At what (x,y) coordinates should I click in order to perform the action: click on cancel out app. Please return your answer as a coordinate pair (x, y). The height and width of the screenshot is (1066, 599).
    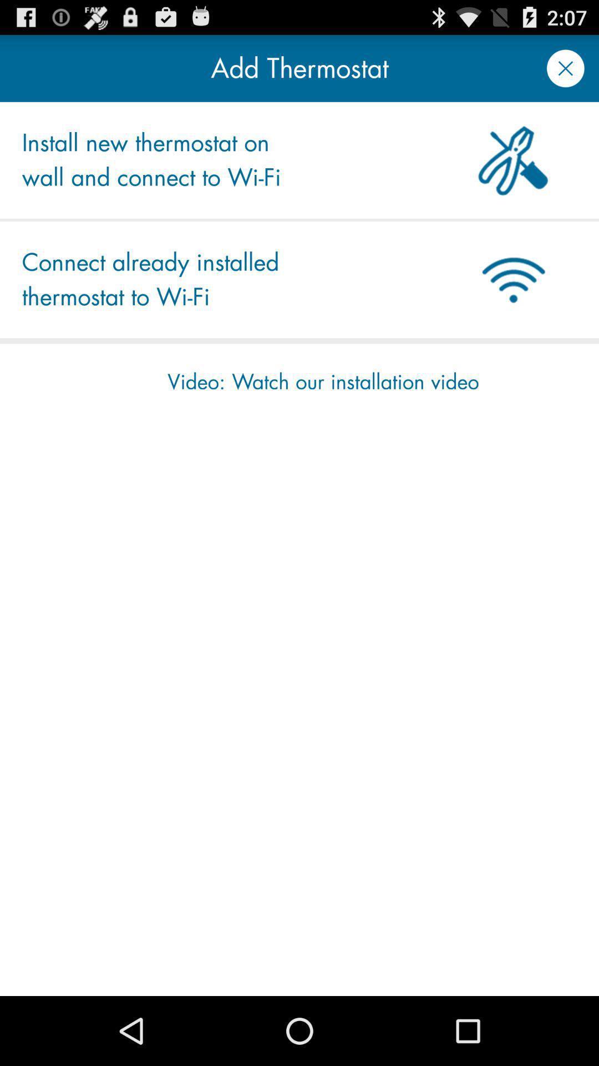
    Looking at the image, I should click on (565, 68).